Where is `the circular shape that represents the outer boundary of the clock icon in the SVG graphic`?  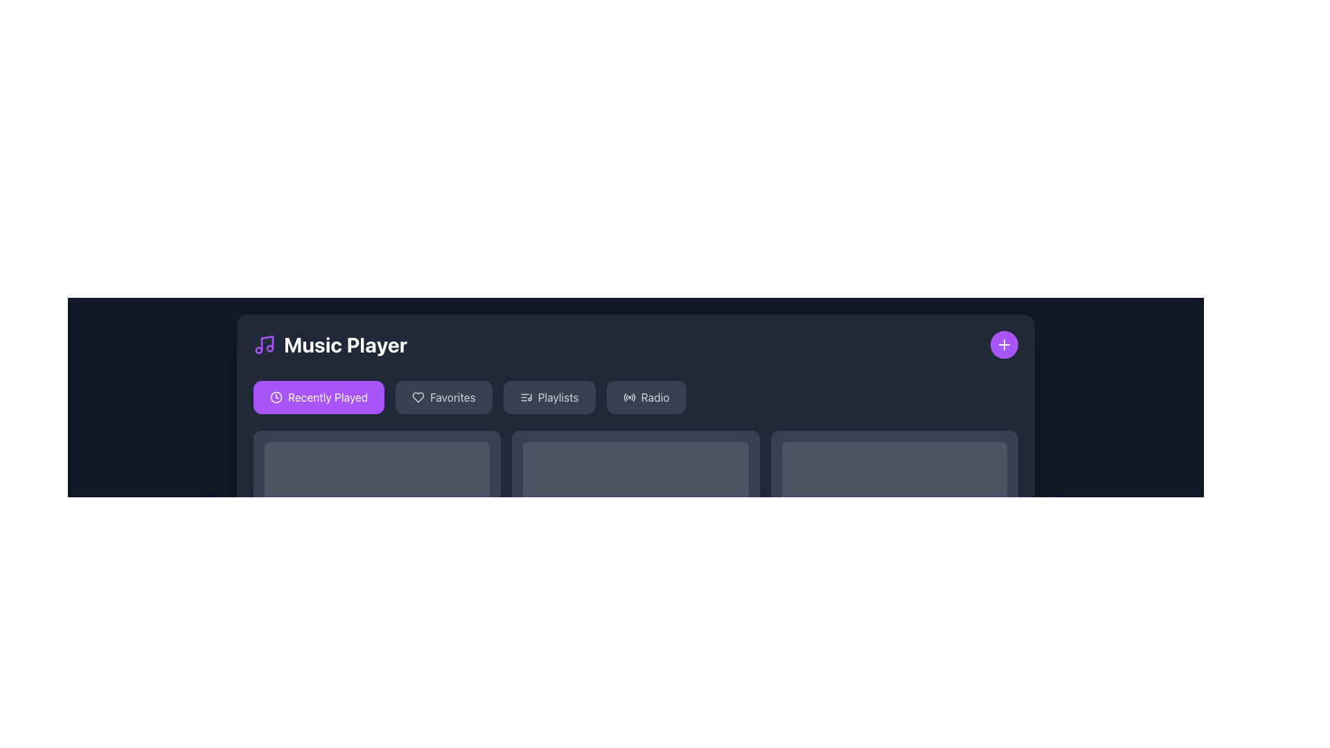
the circular shape that represents the outer boundary of the clock icon in the SVG graphic is located at coordinates (276, 398).